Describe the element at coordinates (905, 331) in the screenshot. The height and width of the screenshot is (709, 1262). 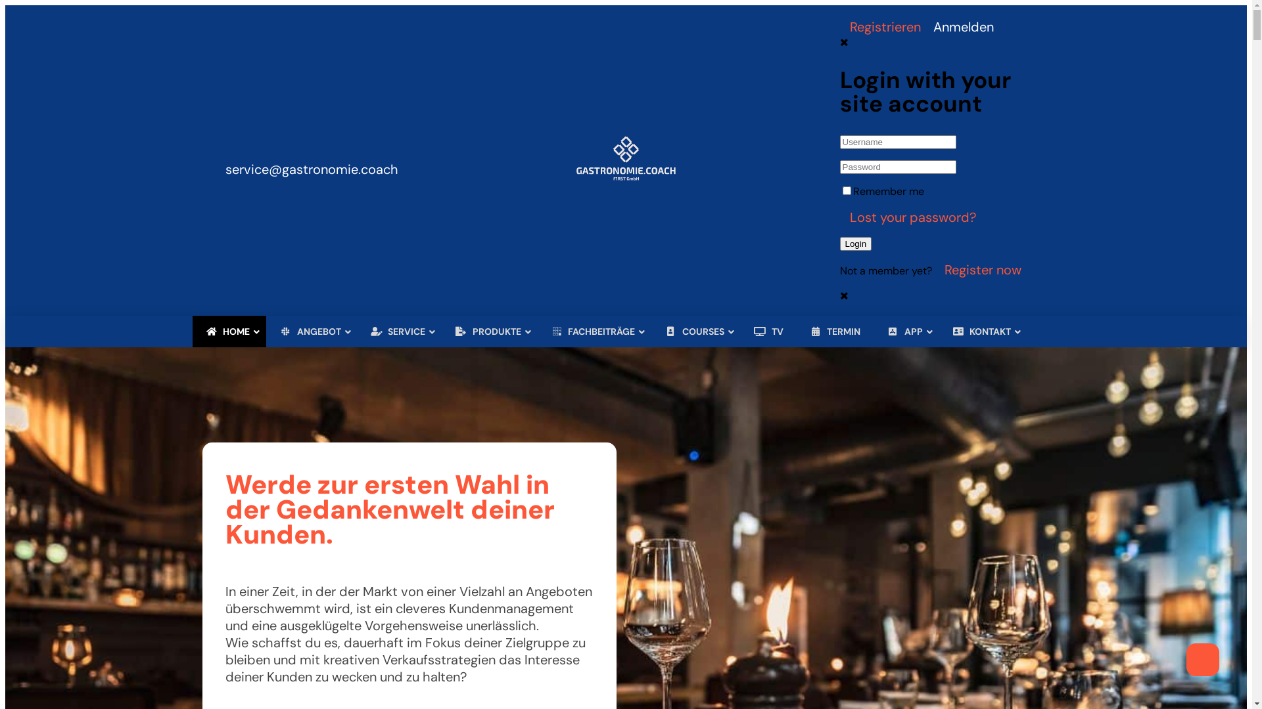
I see `'APP'` at that location.